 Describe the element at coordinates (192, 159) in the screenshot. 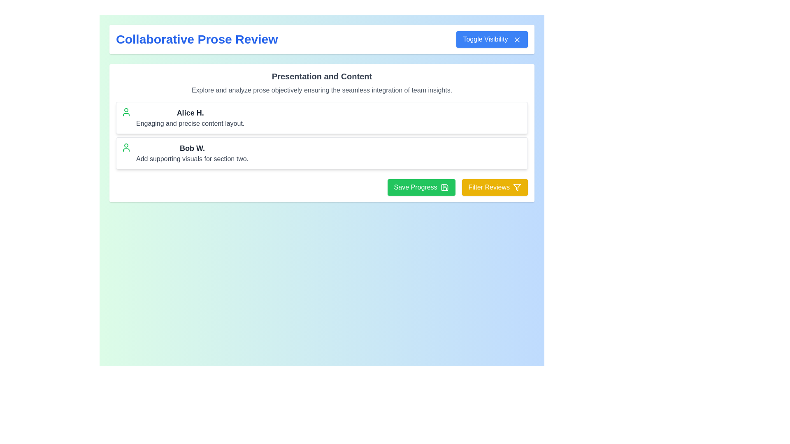

I see `the text label element displaying 'Add supporting visuals for section two.' which is styled in muted gray and positioned below the bold 'Bob W.' label` at that location.